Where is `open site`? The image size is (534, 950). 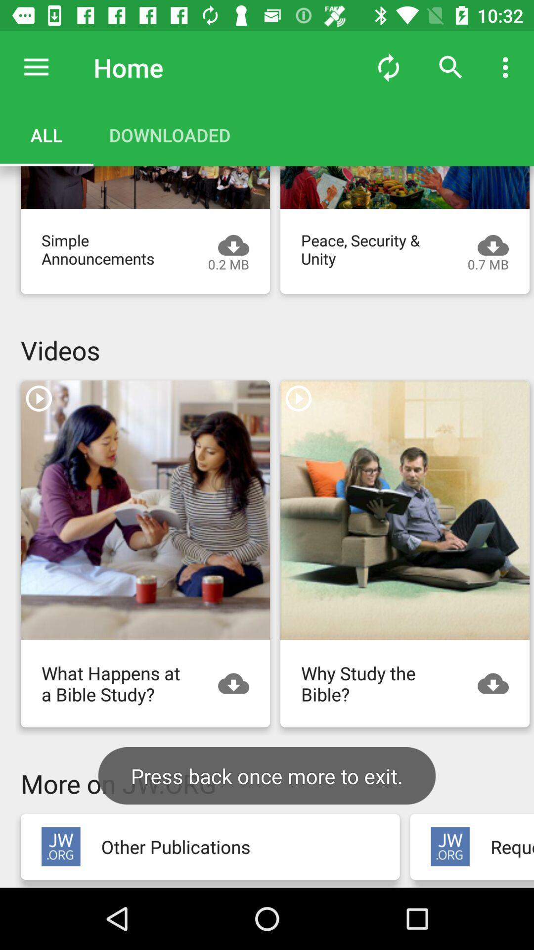 open site is located at coordinates (450, 846).